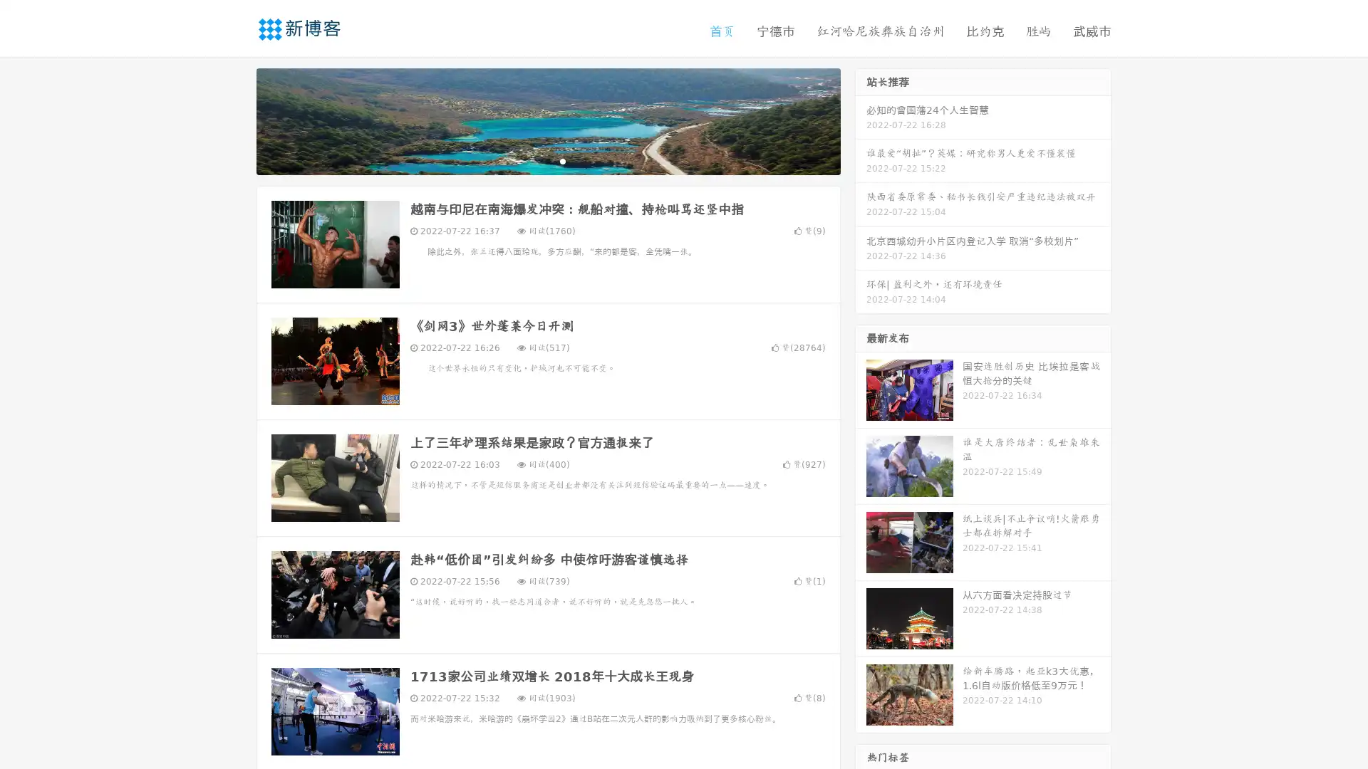  What do you see at coordinates (562, 160) in the screenshot?
I see `Go to slide 3` at bounding box center [562, 160].